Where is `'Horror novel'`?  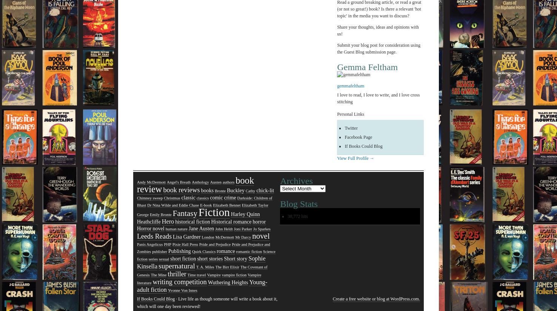
'Horror novel' is located at coordinates (150, 228).